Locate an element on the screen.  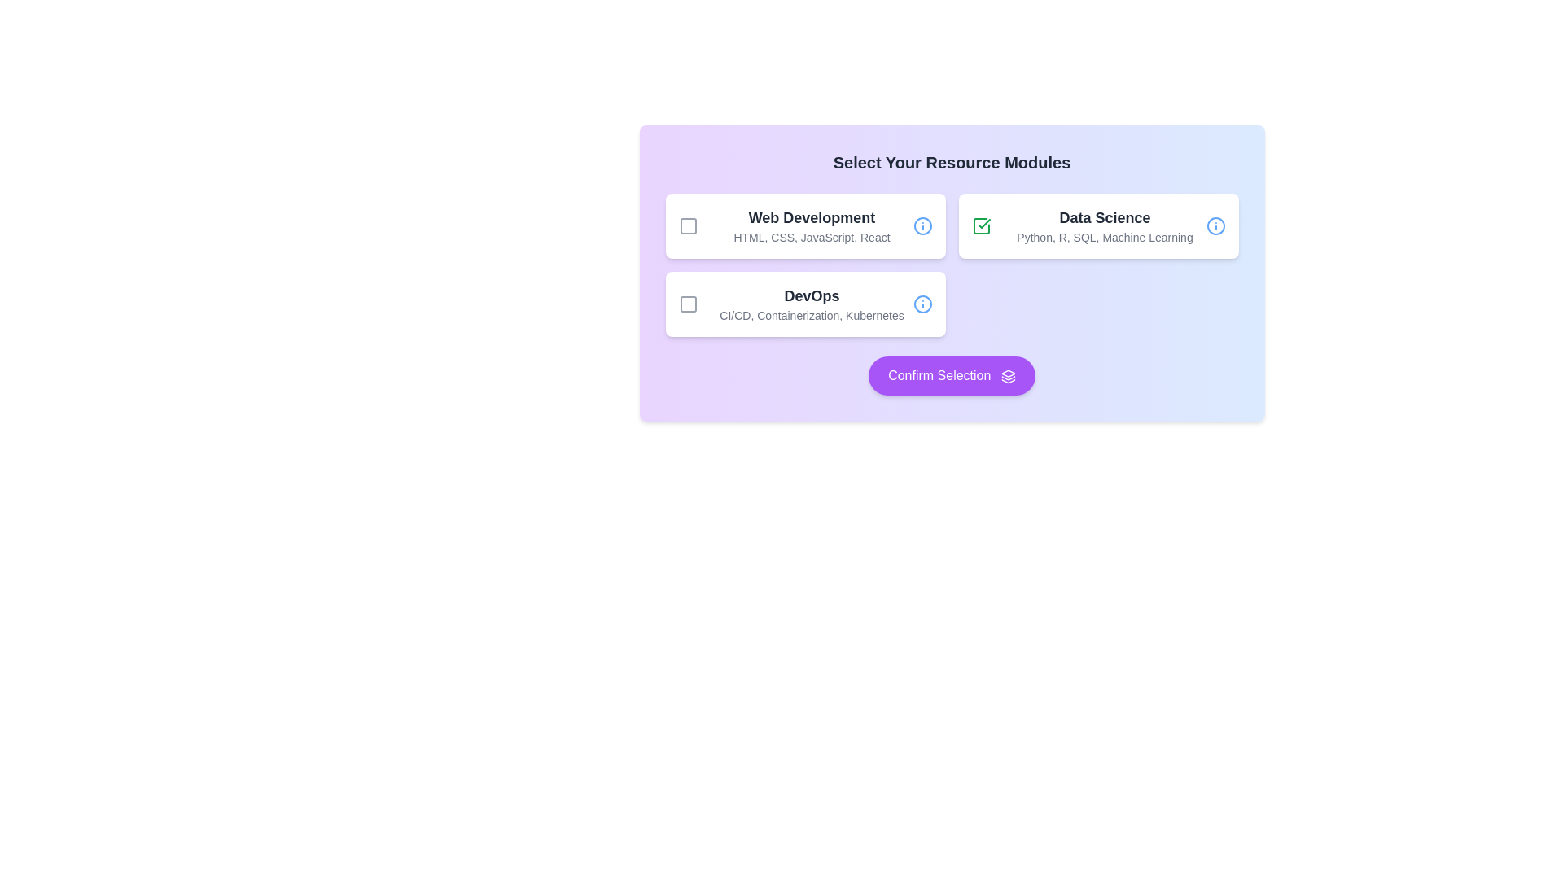
the checkbox representing the selection state of the 'Data Science' option located is located at coordinates (980, 225).